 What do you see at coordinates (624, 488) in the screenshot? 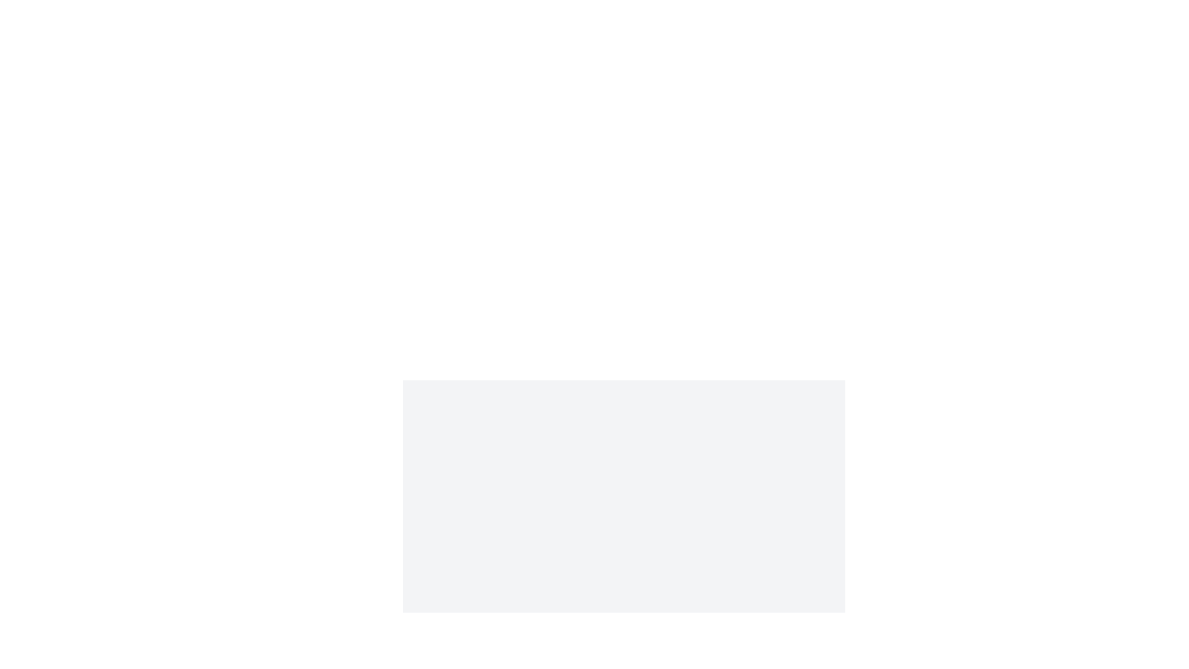
I see `the image and select Highlight from the context menu` at bounding box center [624, 488].